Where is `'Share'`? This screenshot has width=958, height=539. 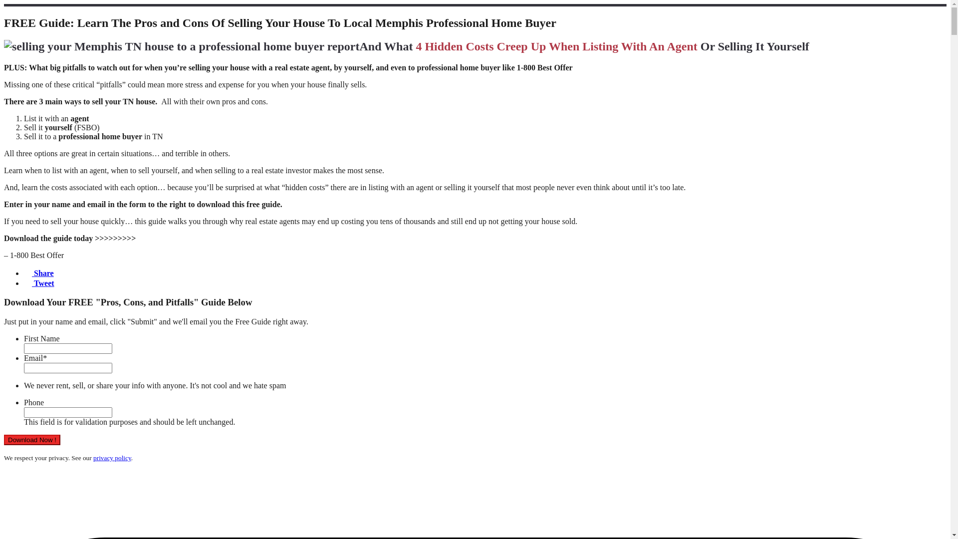 'Share' is located at coordinates (24, 273).